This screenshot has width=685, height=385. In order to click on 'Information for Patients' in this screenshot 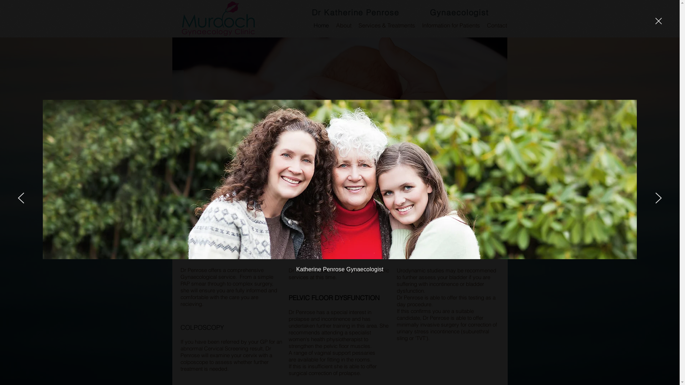, I will do `click(450, 25)`.